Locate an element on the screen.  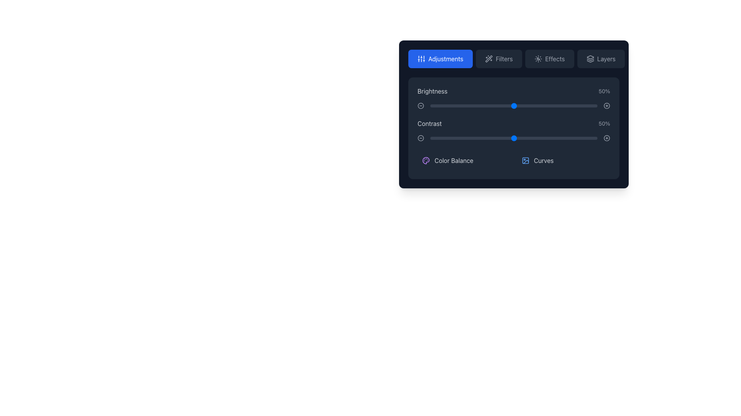
the 'Effects' label, which is styled in light gray on a dark gray background is located at coordinates (555, 59).